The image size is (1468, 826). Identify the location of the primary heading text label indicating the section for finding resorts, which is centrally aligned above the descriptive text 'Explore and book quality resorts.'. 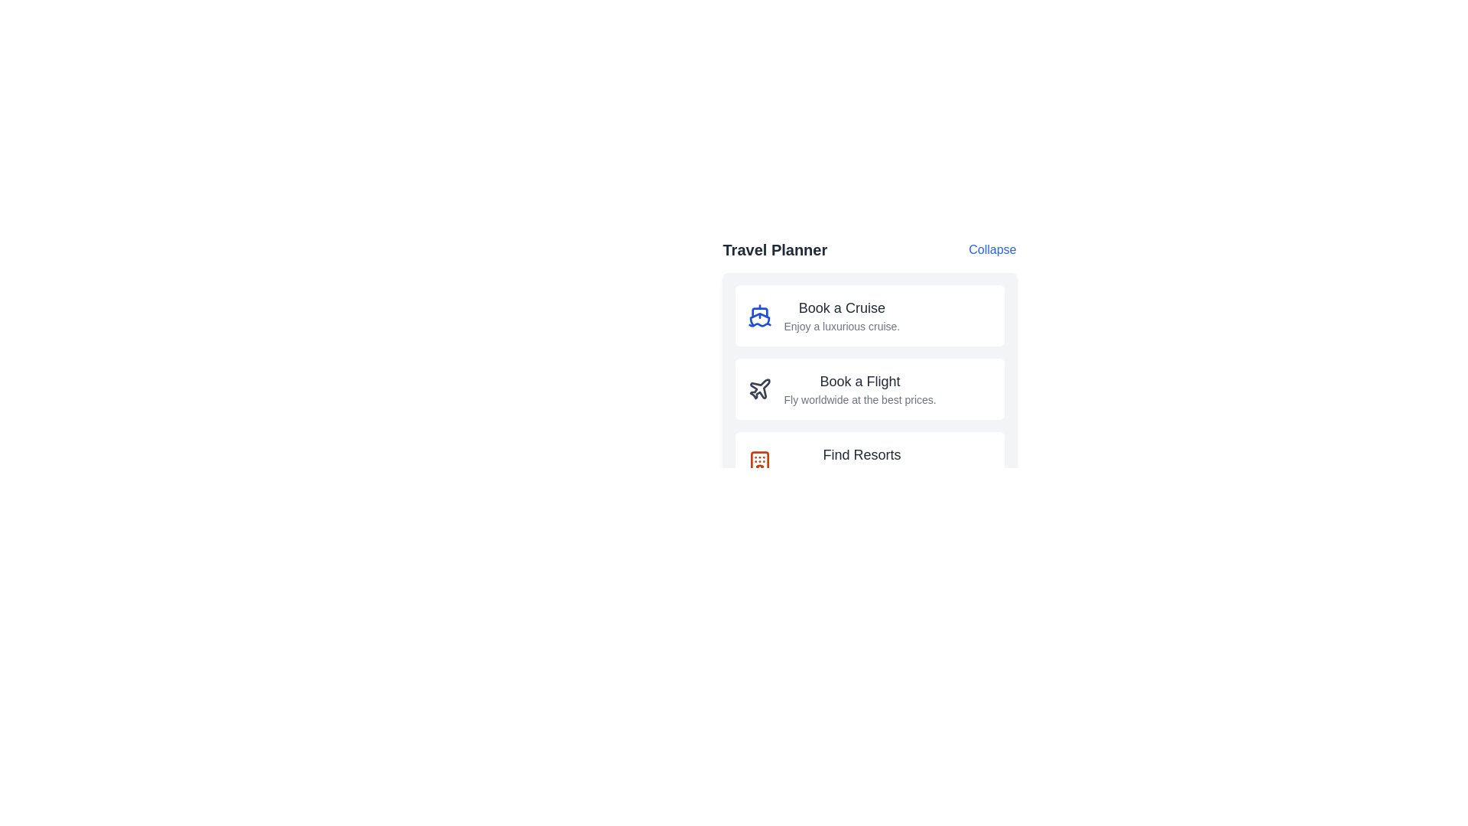
(862, 454).